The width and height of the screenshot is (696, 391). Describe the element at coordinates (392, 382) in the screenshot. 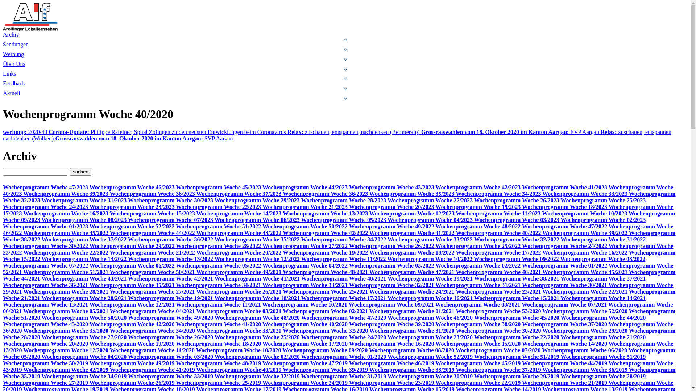

I see `'Wochenprogramm Woche 23/2019'` at that location.